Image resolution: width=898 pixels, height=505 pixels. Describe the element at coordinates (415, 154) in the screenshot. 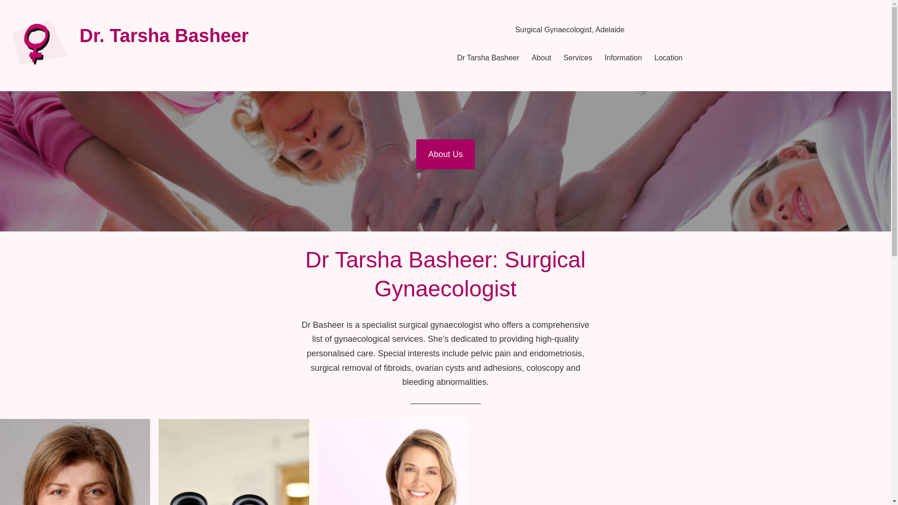

I see `'About Us'` at that location.